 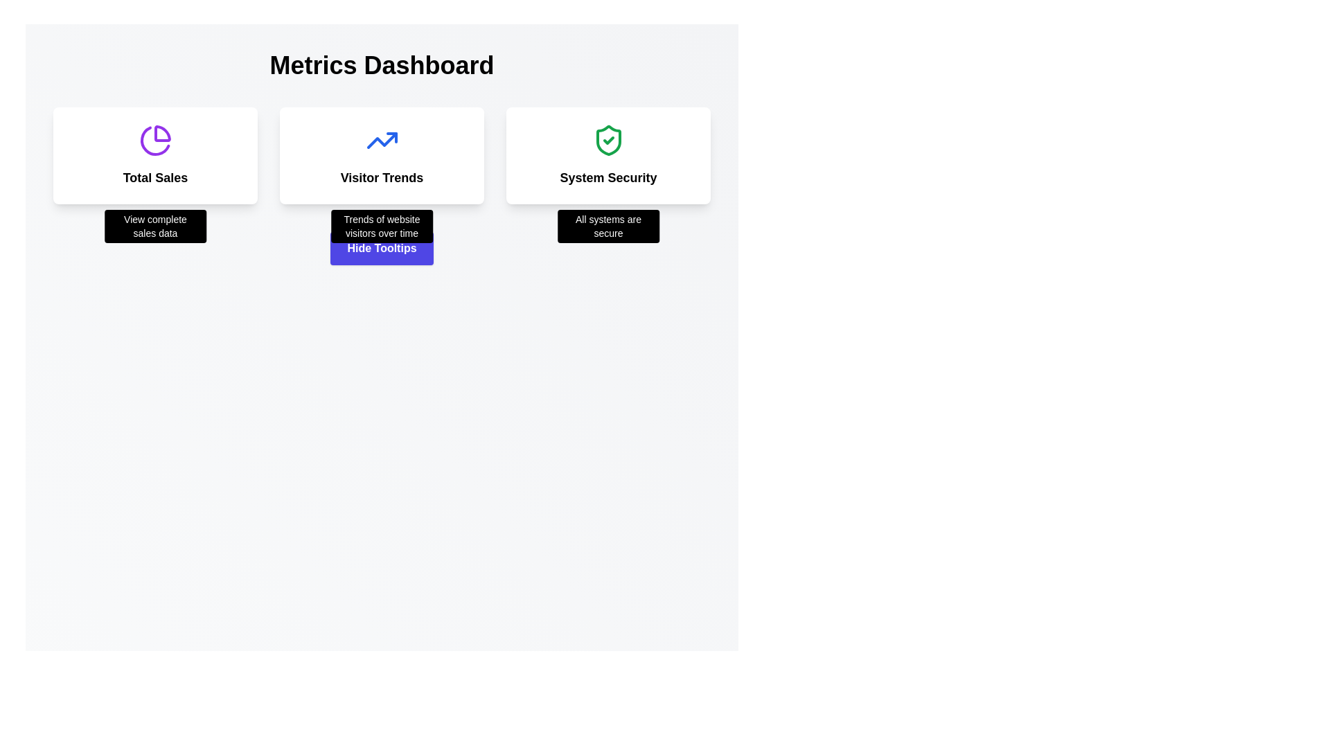 I want to click on the purple pie chart icon located in the first card, which is positioned above the text 'Total Sales', so click(x=155, y=141).